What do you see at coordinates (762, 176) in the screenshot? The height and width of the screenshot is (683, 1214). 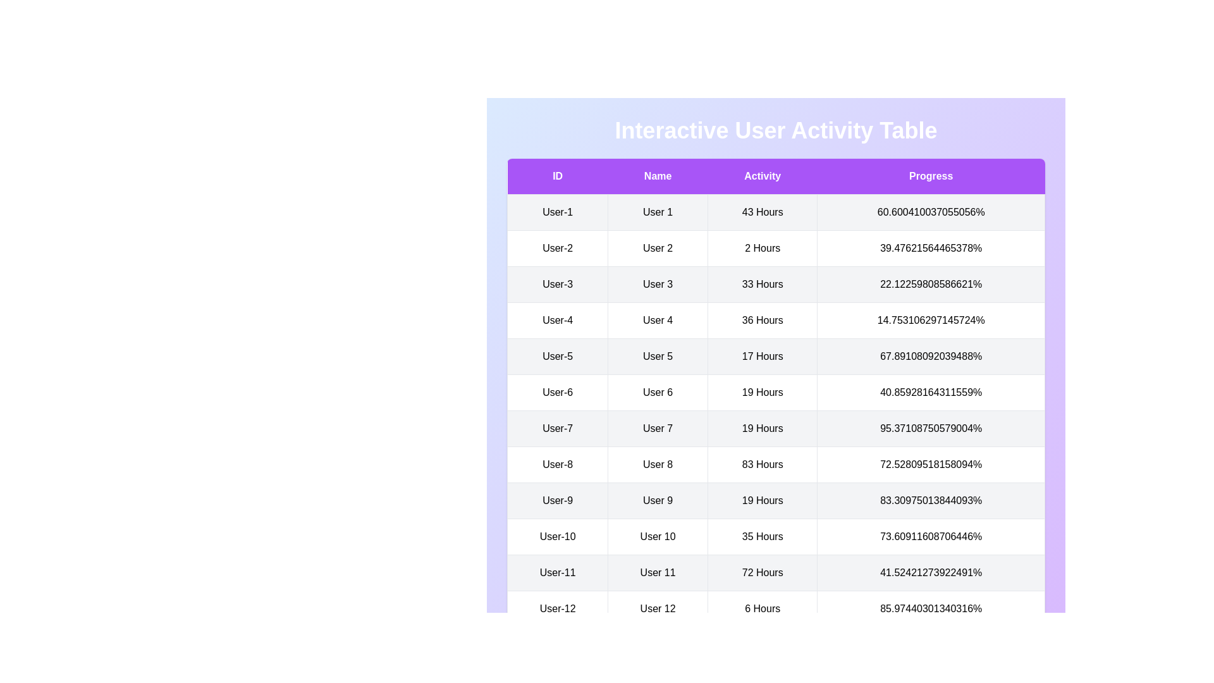 I see `the header labeled 'Activity' to sort the respective column` at bounding box center [762, 176].